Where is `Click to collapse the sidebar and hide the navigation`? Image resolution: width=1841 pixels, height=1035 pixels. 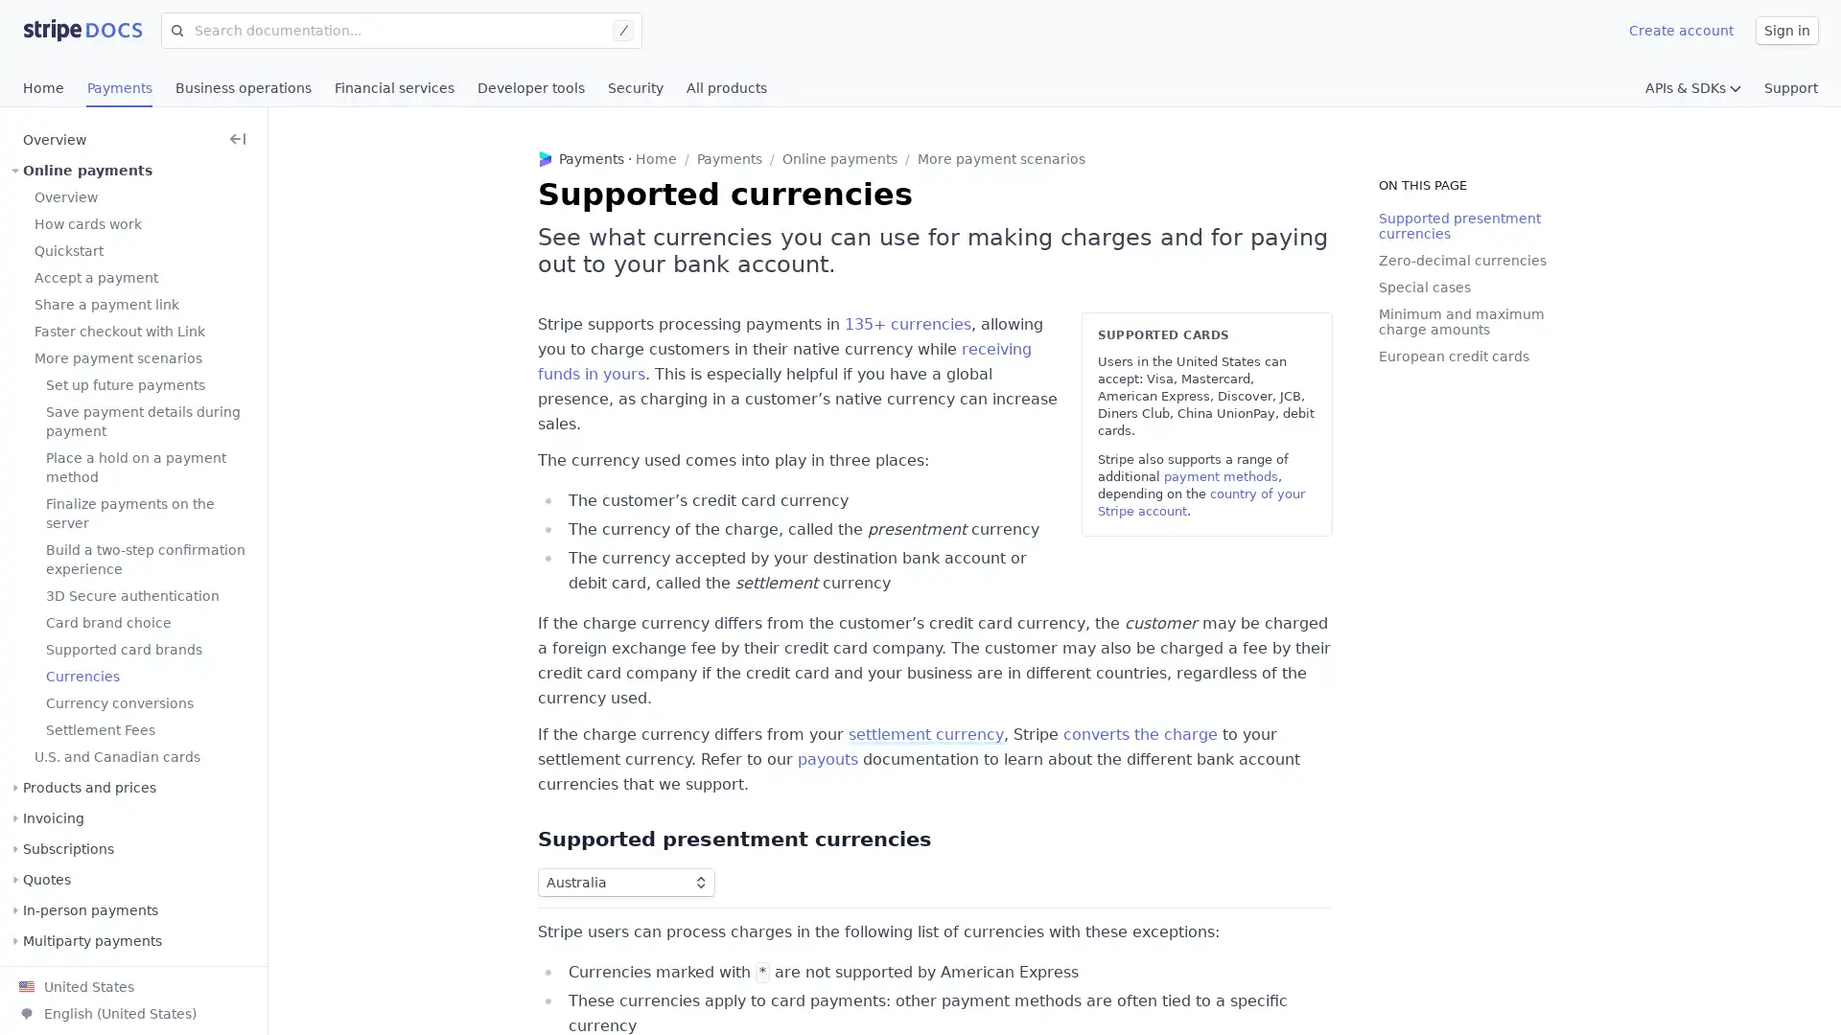
Click to collapse the sidebar and hide the navigation is located at coordinates (237, 139).